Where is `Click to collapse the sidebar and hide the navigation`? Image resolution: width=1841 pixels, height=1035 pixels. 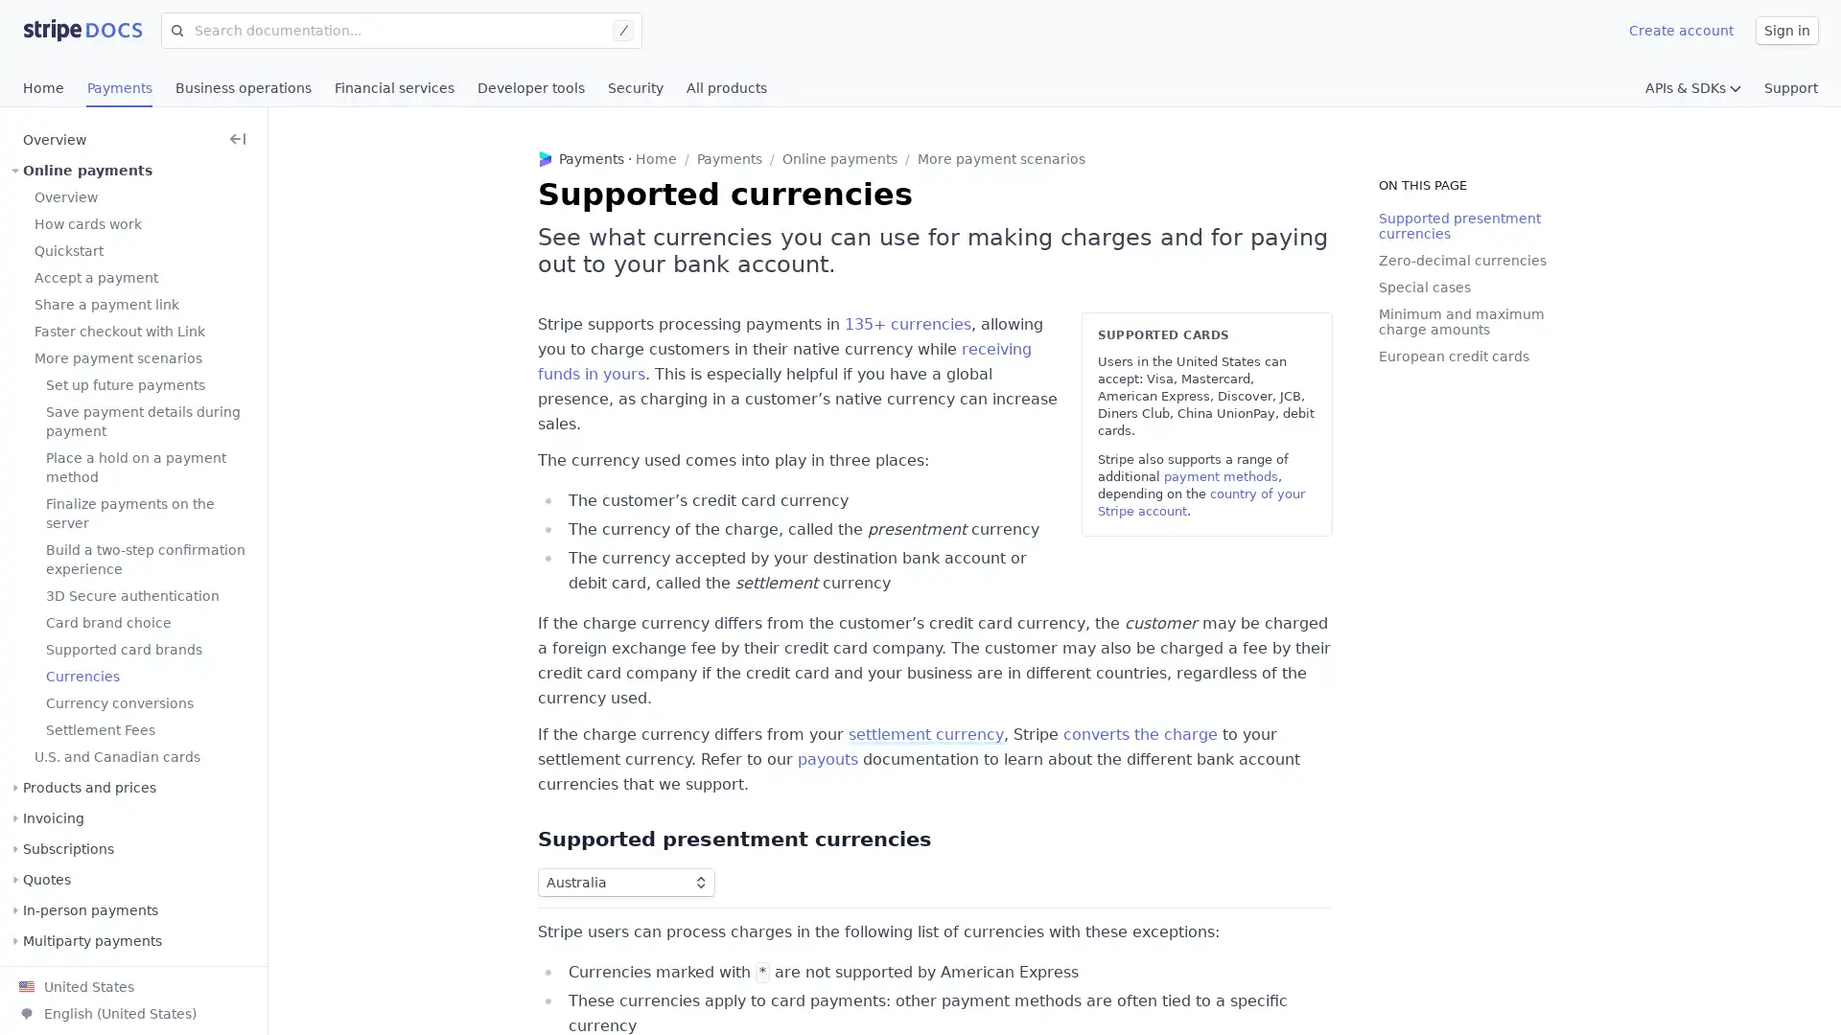
Click to collapse the sidebar and hide the navigation is located at coordinates (237, 139).